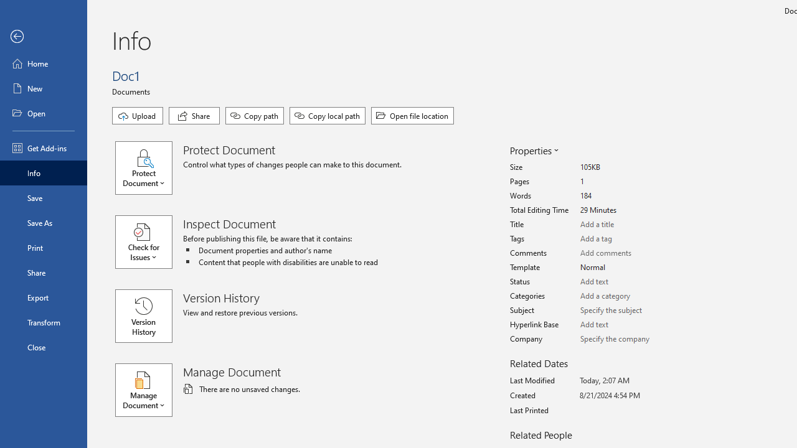  What do you see at coordinates (328, 116) in the screenshot?
I see `'Copy local path'` at bounding box center [328, 116].